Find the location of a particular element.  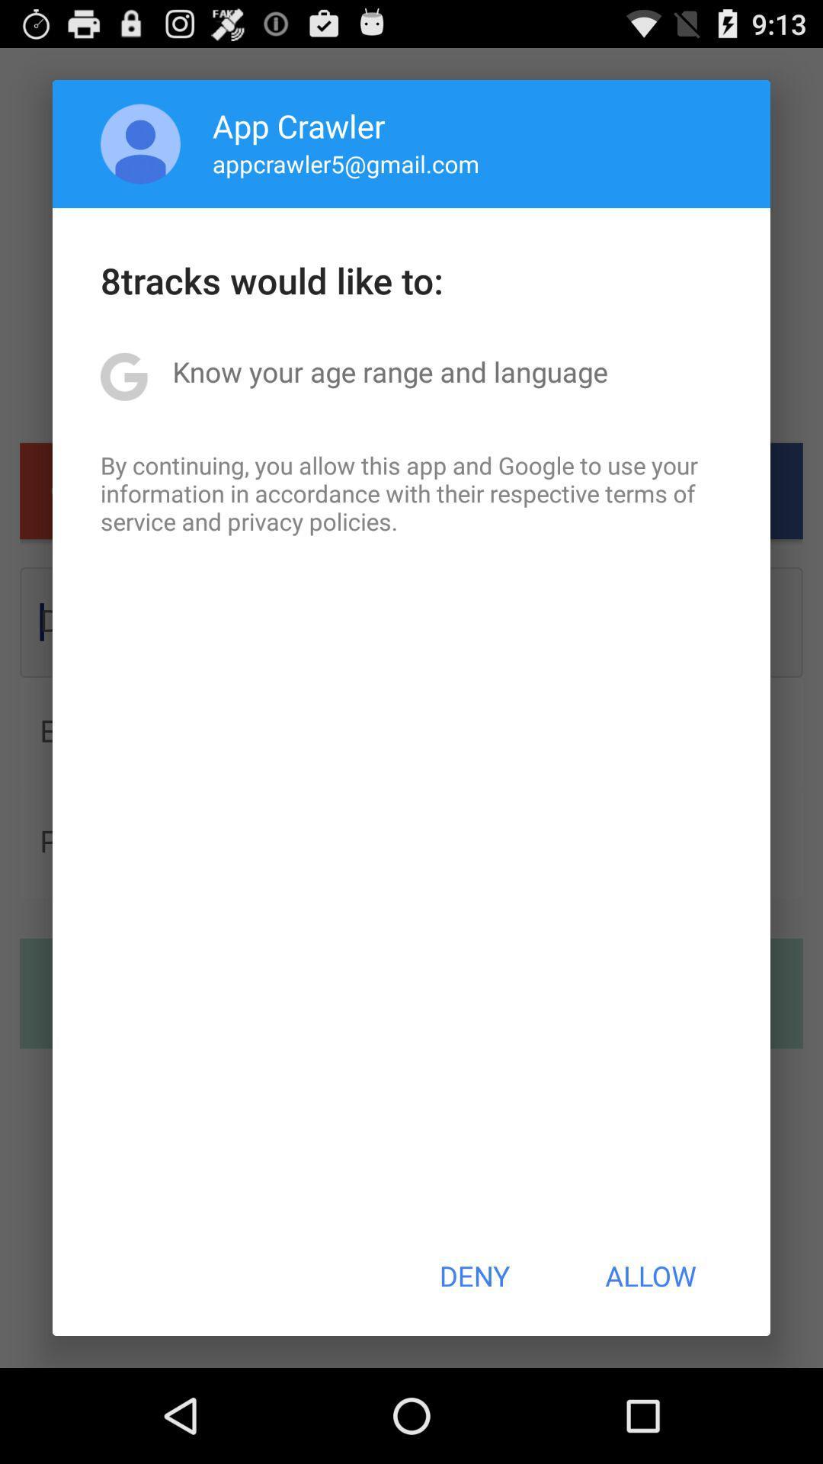

the app crawler app is located at coordinates (299, 125).